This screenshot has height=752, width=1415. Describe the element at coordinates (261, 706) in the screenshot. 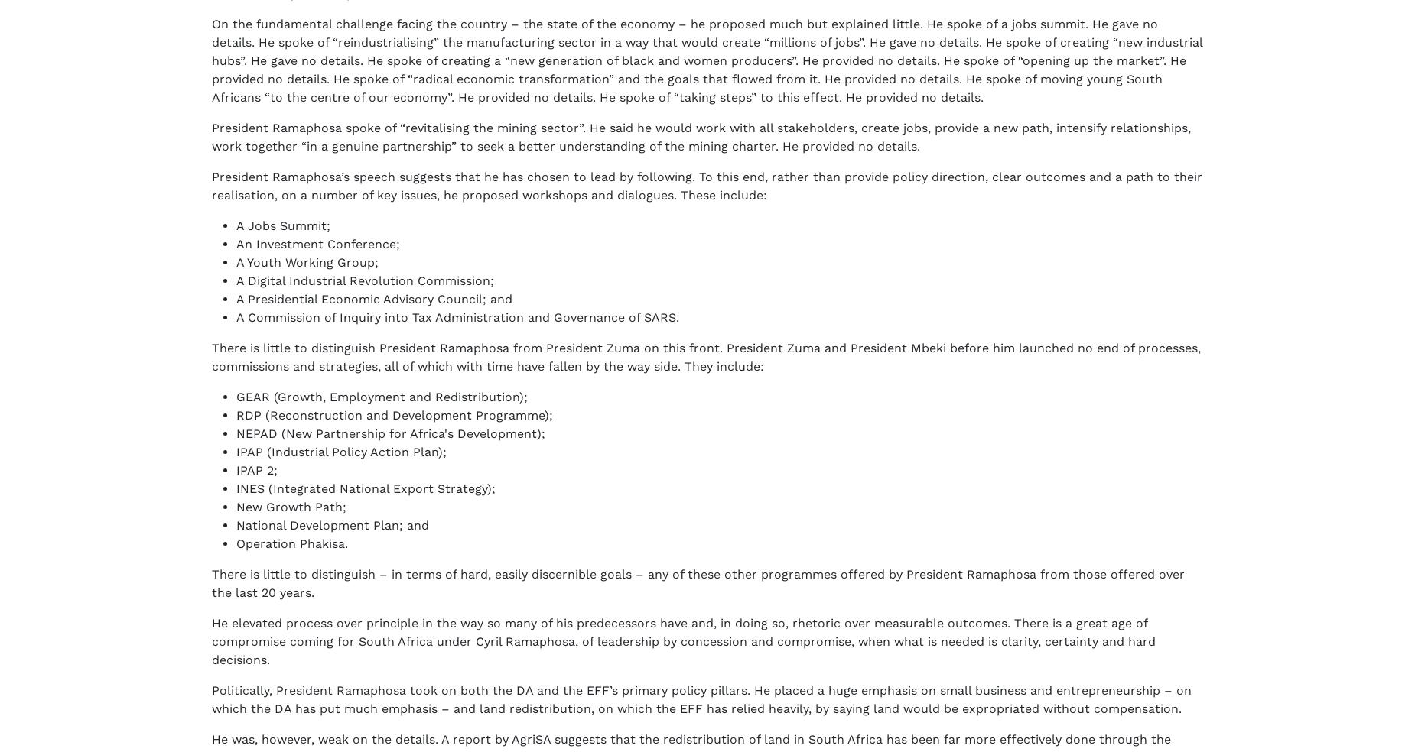

I see `'Terms & Conditions'` at that location.